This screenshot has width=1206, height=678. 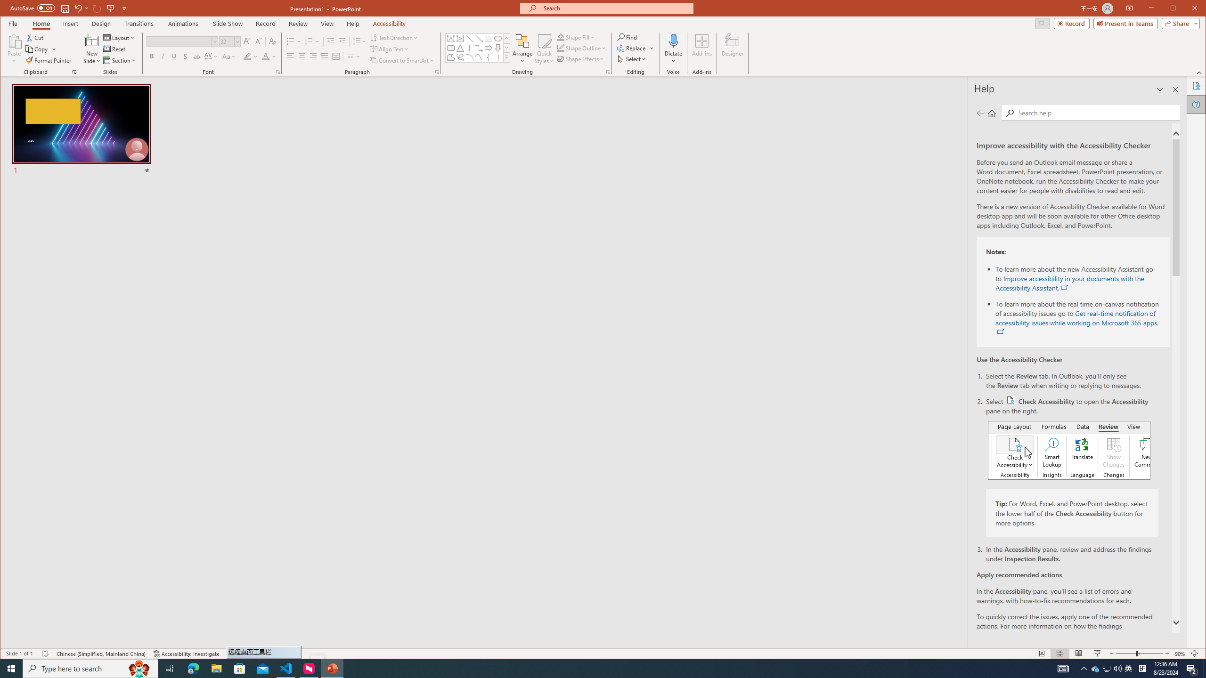 I want to click on 'Text Direction', so click(x=394, y=38).